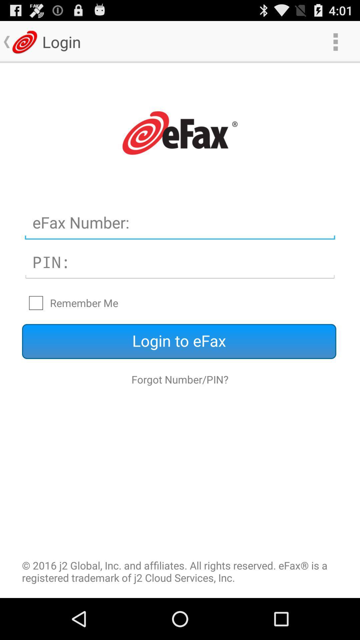 The height and width of the screenshot is (640, 360). I want to click on the more icon, so click(335, 41).